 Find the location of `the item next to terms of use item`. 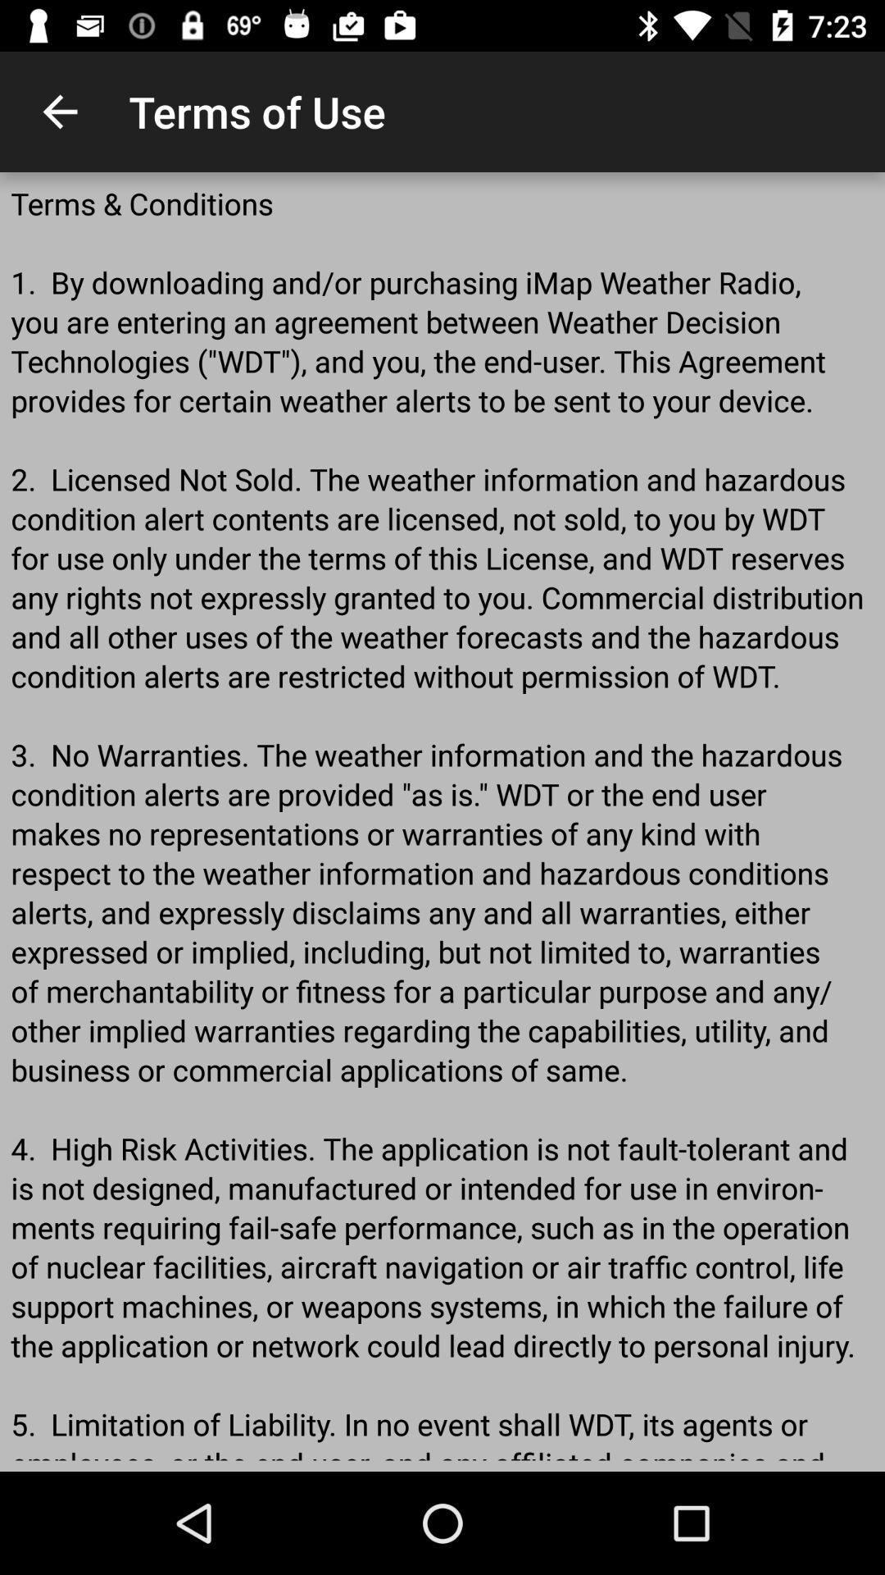

the item next to terms of use item is located at coordinates (59, 111).